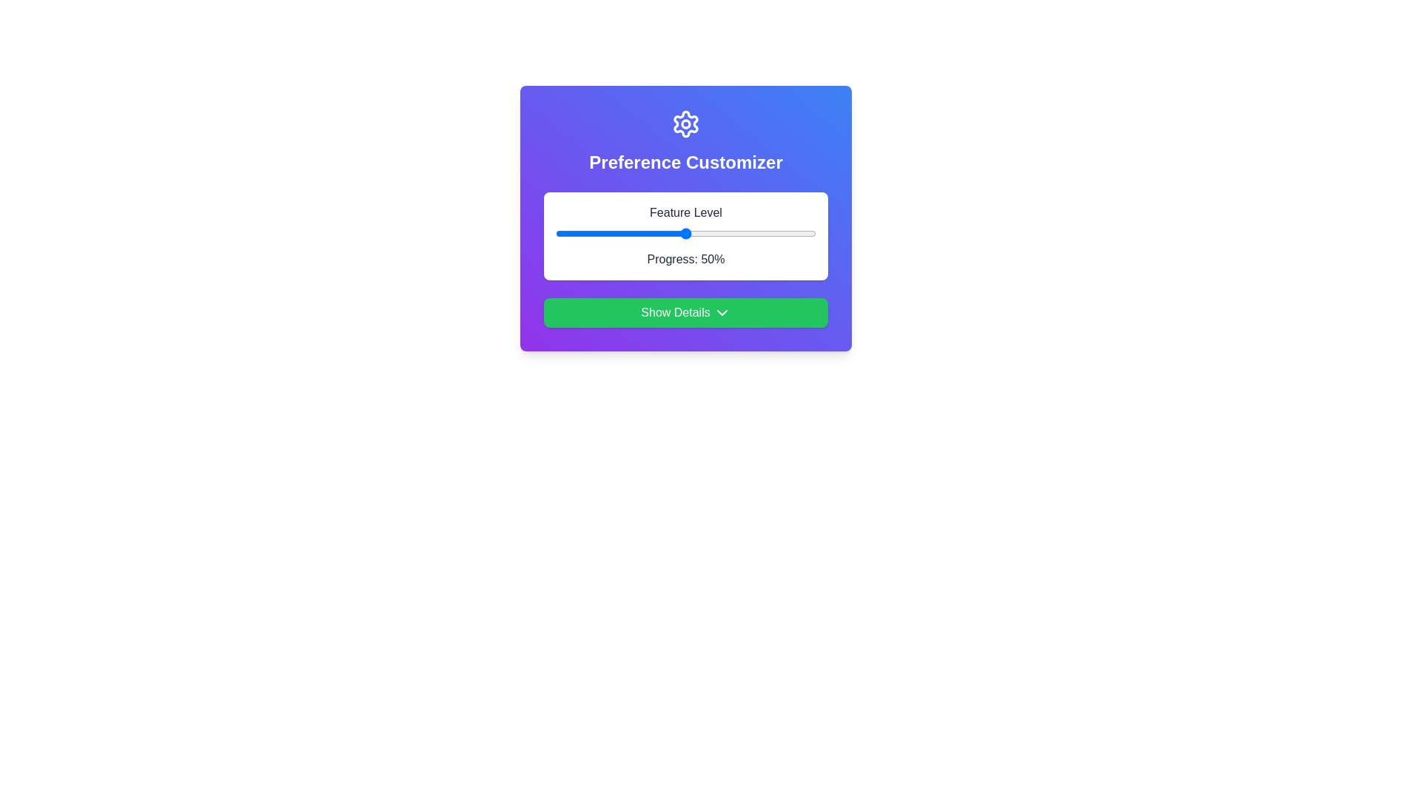 The width and height of the screenshot is (1421, 799). I want to click on the 'Show Details' button to expand additional information, so click(685, 312).